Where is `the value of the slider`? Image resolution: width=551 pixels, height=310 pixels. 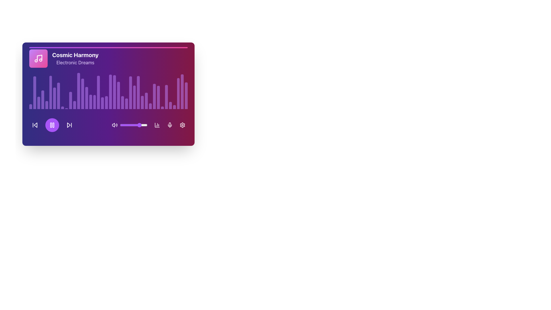
the value of the slider is located at coordinates (125, 125).